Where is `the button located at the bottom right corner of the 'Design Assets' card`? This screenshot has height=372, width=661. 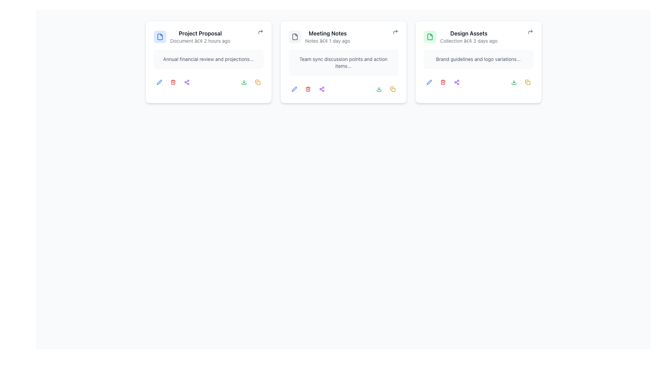
the button located at the bottom right corner of the 'Design Assets' card is located at coordinates (527, 82).